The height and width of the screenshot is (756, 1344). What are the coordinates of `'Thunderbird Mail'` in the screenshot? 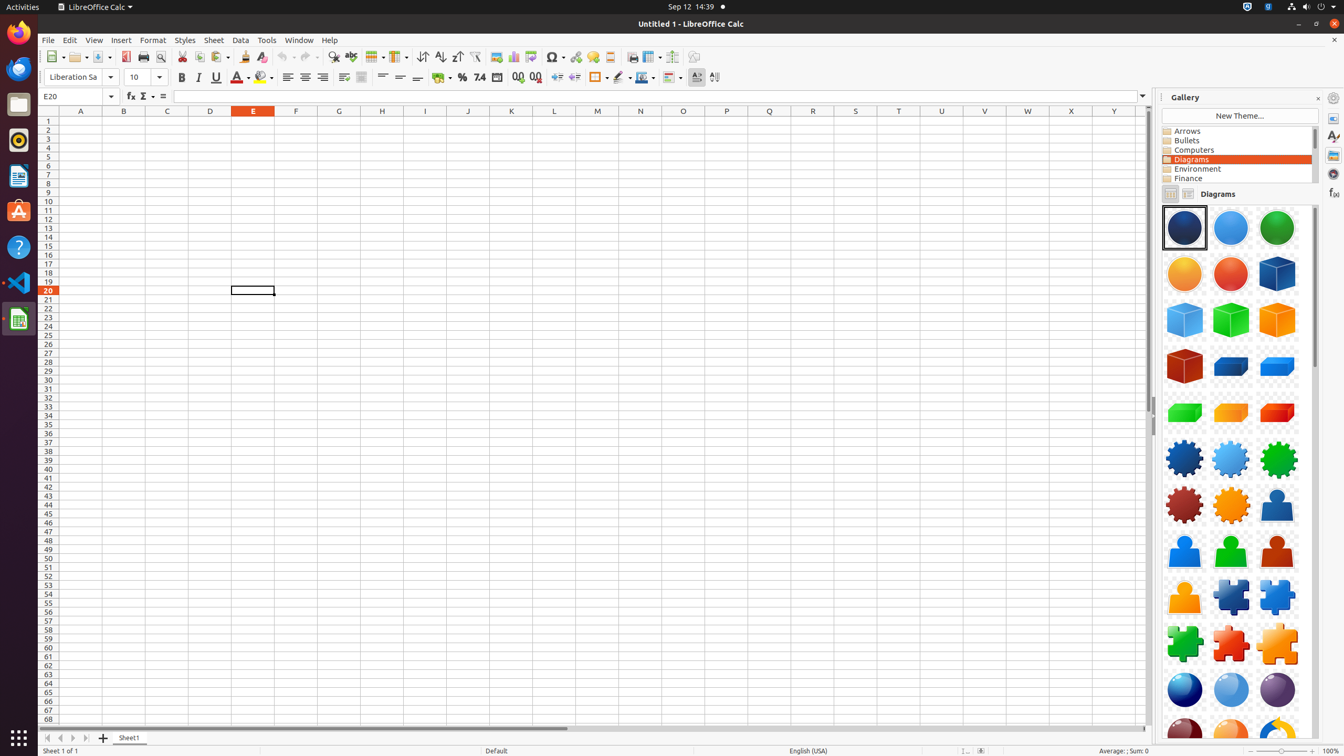 It's located at (19, 68).